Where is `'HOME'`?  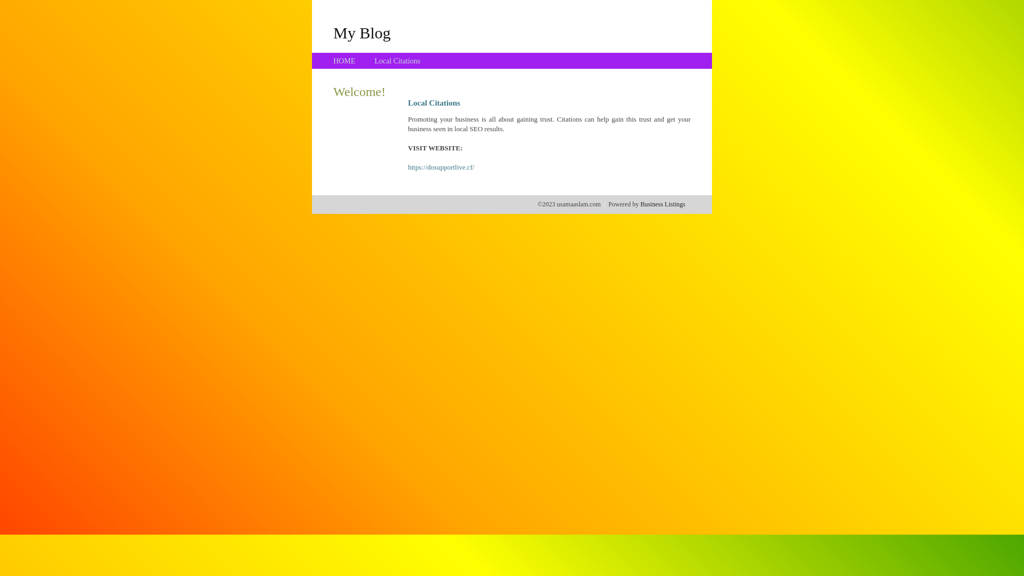 'HOME' is located at coordinates (344, 61).